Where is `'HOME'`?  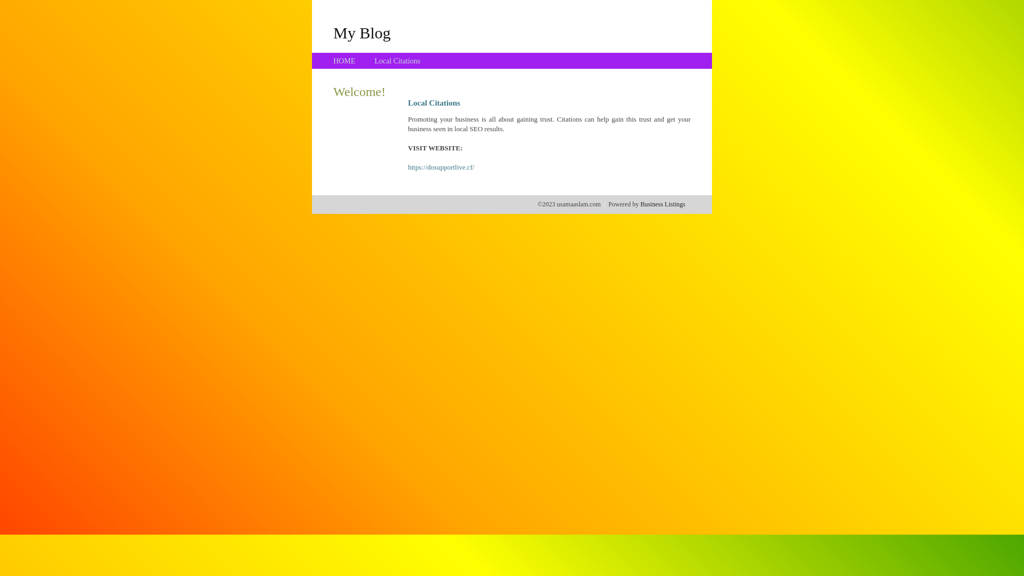 'HOME' is located at coordinates (344, 61).